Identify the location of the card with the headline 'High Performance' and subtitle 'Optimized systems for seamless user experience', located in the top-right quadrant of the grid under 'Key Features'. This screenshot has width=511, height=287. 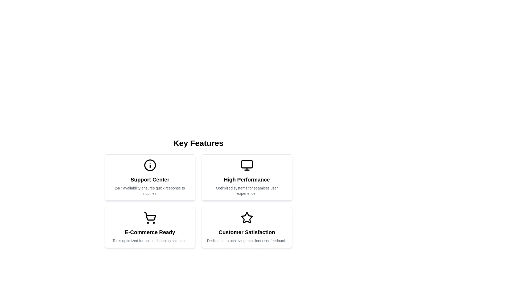
(246, 177).